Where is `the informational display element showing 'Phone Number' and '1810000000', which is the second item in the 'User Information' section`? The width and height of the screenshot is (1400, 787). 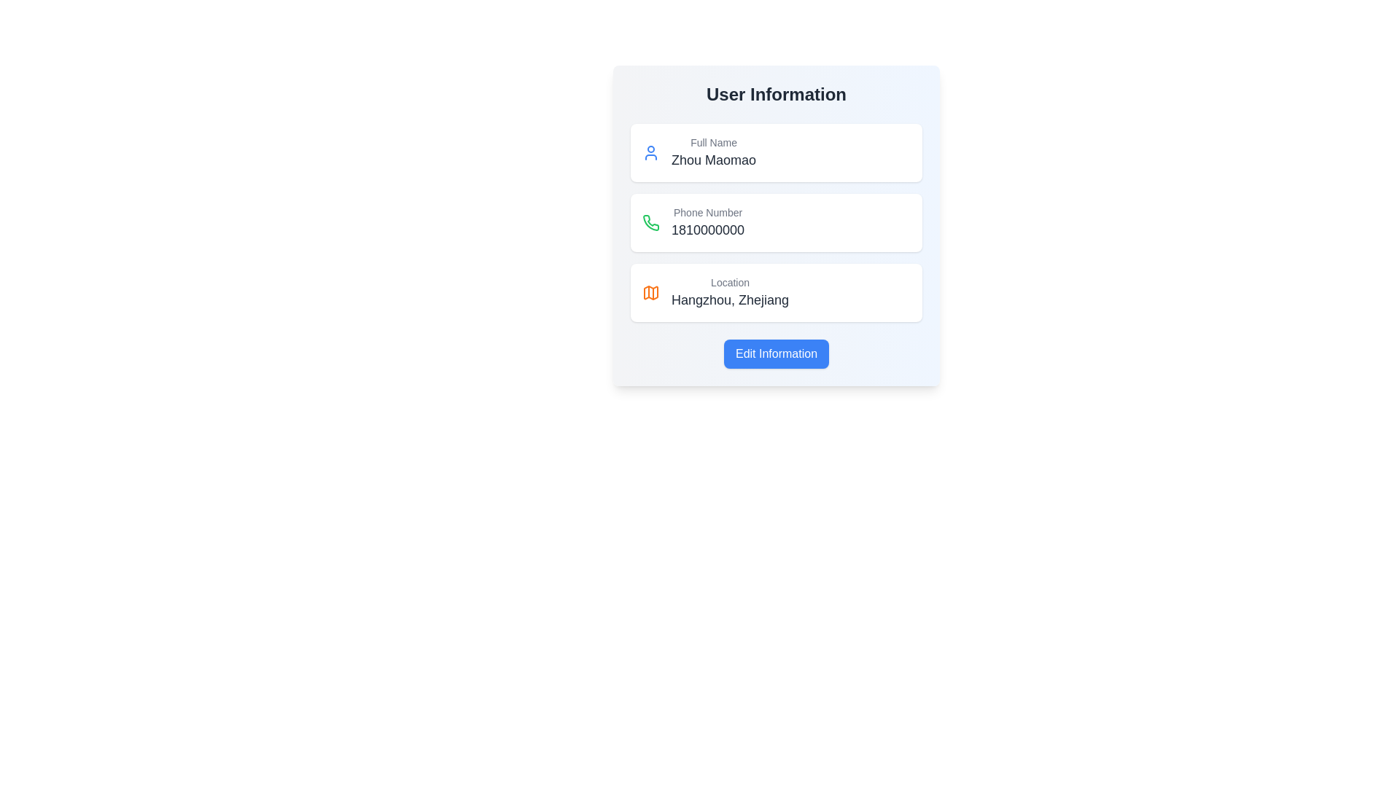 the informational display element showing 'Phone Number' and '1810000000', which is the second item in the 'User Information' section is located at coordinates (776, 222).